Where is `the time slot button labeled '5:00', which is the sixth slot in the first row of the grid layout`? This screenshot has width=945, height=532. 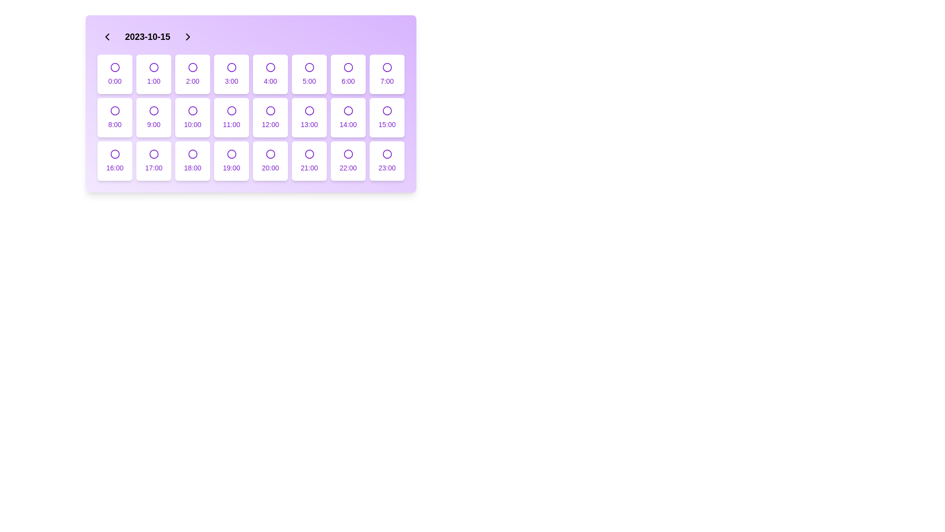 the time slot button labeled '5:00', which is the sixth slot in the first row of the grid layout is located at coordinates (309, 73).